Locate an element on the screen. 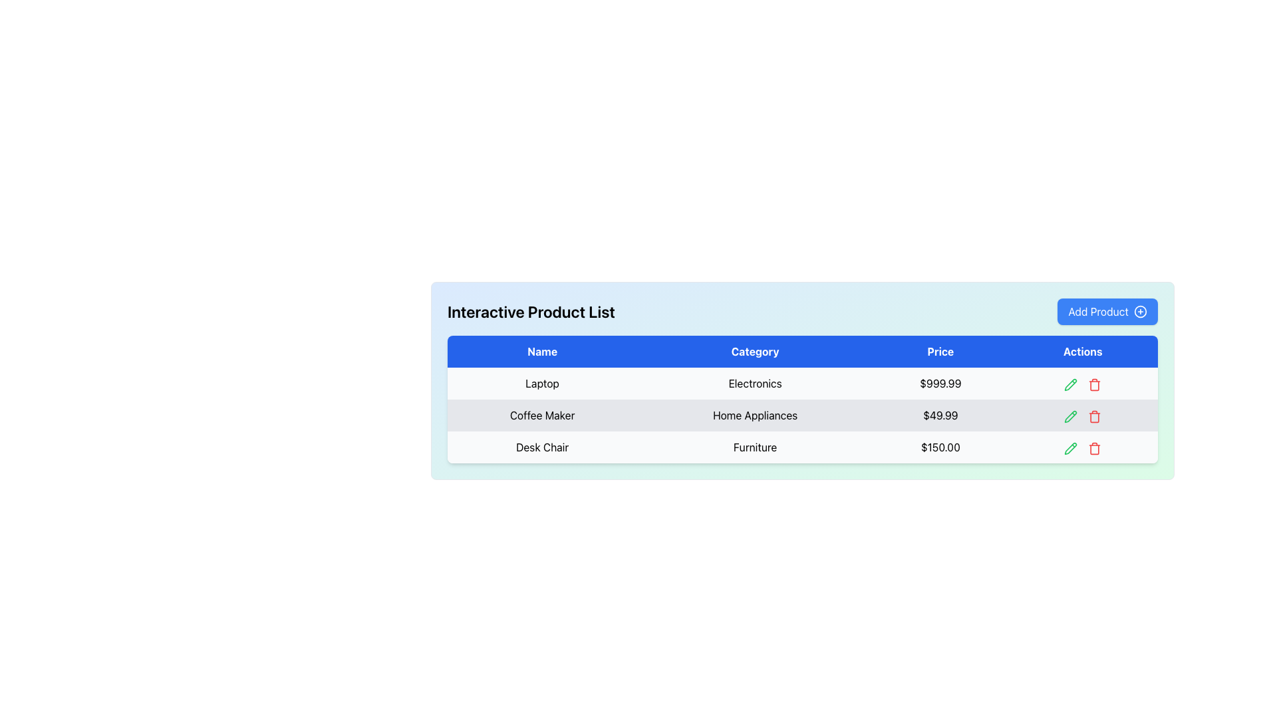 This screenshot has height=718, width=1277. the appearance of the circular icon with a plus sign in its middle, located to the right of the 'Add Product' button text is located at coordinates (1139, 312).